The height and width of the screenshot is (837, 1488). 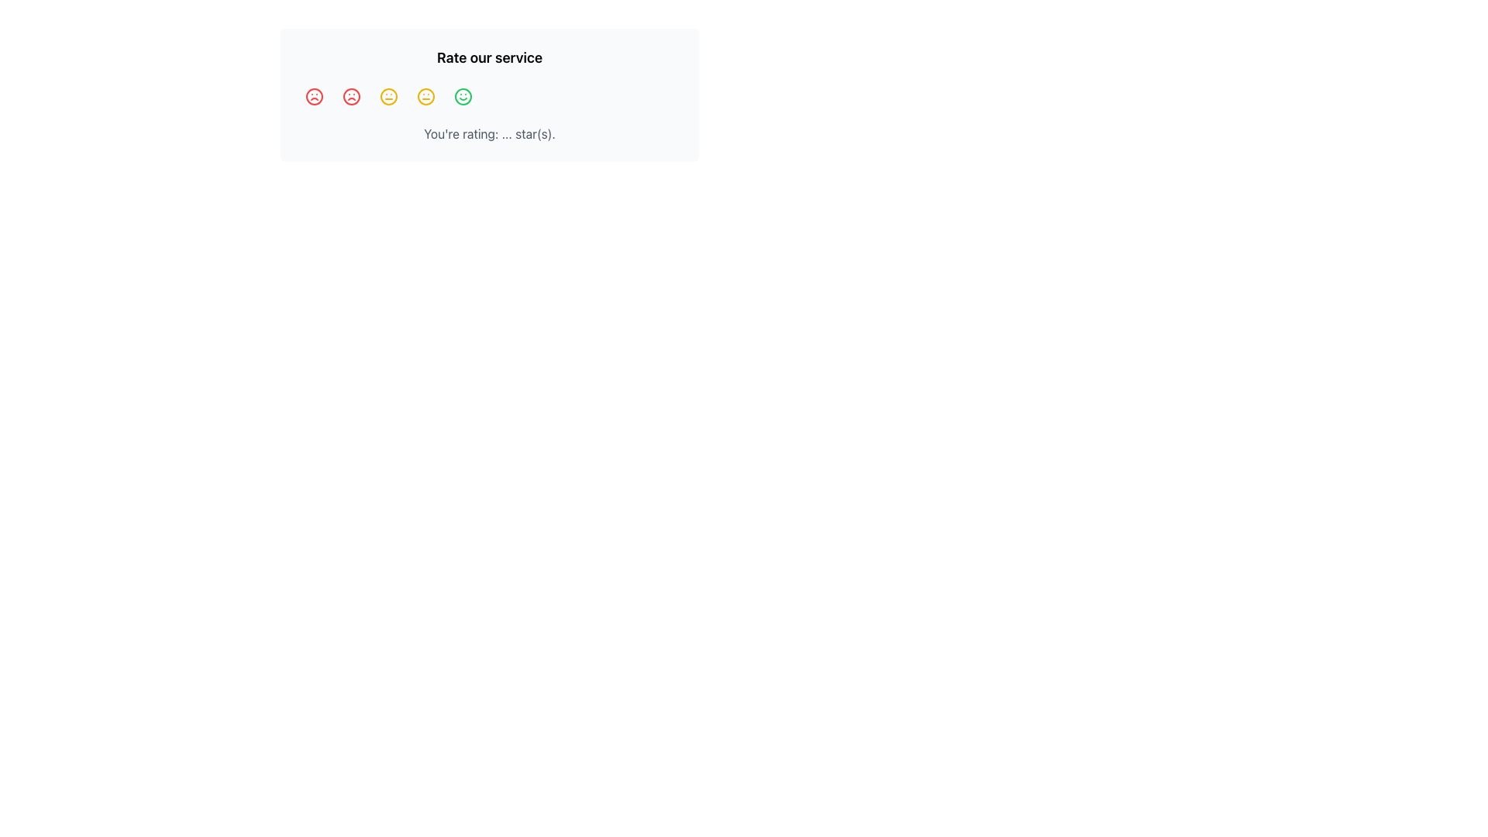 What do you see at coordinates (426, 96) in the screenshot?
I see `the circular yellow icon with a neutral expression` at bounding box center [426, 96].